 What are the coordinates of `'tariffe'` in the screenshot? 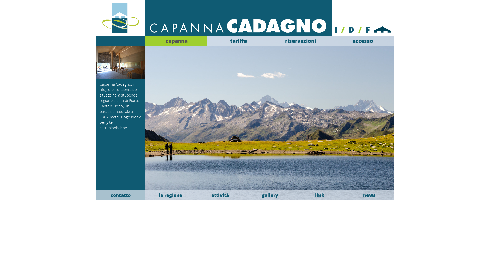 It's located at (238, 40).